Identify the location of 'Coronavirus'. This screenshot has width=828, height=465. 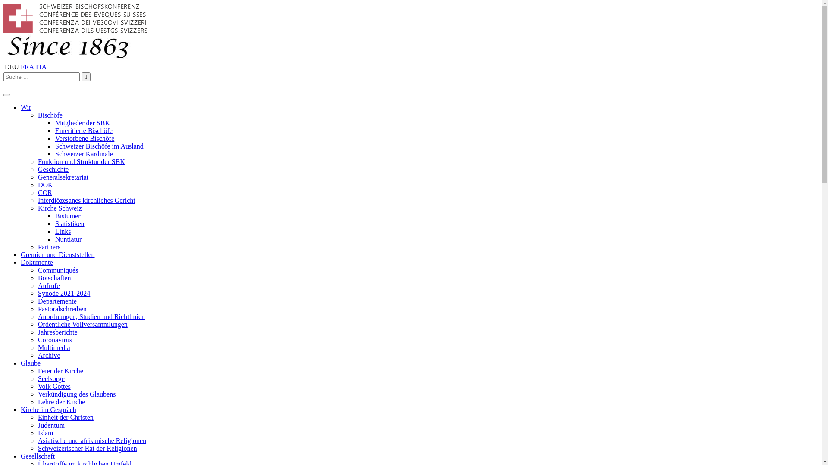
(54, 339).